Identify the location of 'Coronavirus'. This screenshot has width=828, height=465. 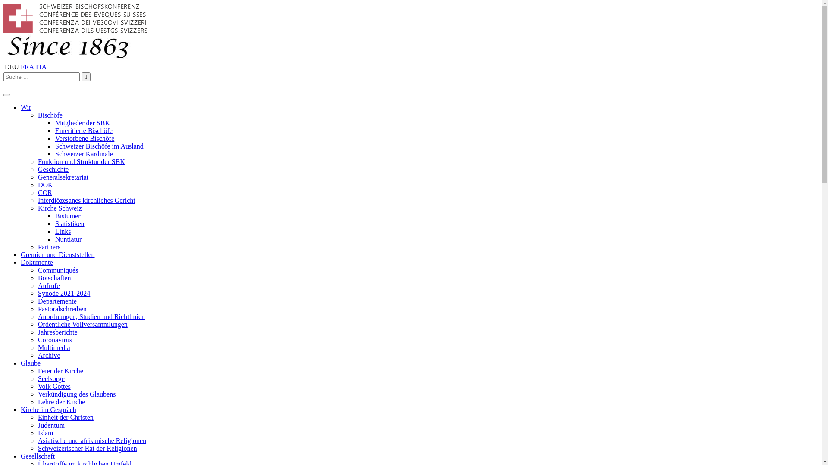
(54, 339).